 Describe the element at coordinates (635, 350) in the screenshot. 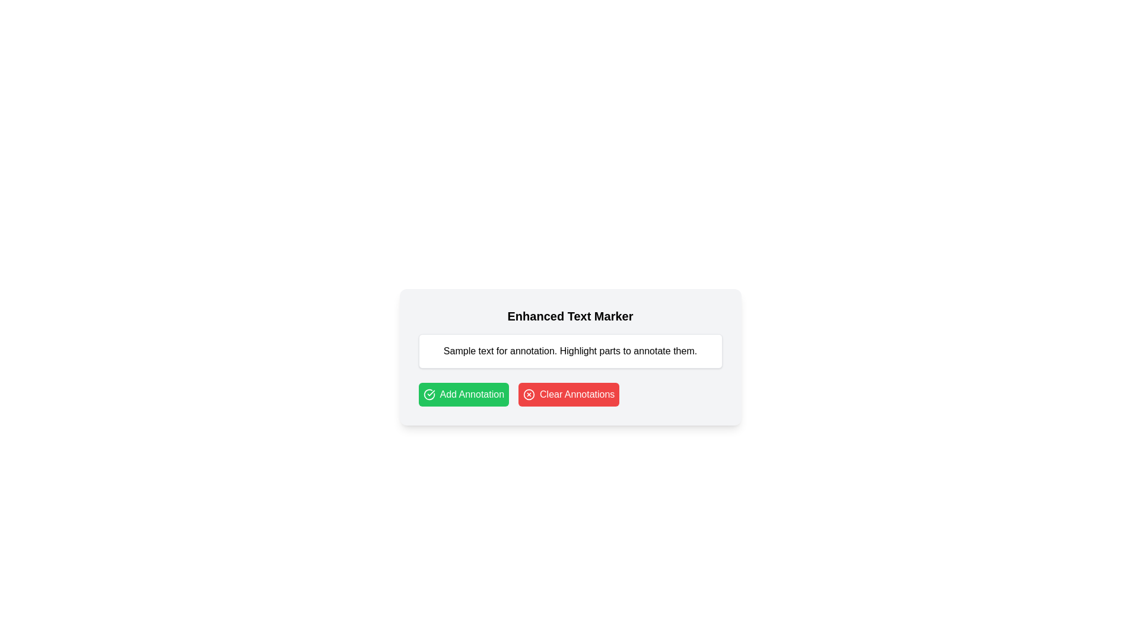

I see `the last character 'a' in the string 'Sample text for annotation. Highlight parts to annotate them.' which is displayed in black color within a text box` at that location.